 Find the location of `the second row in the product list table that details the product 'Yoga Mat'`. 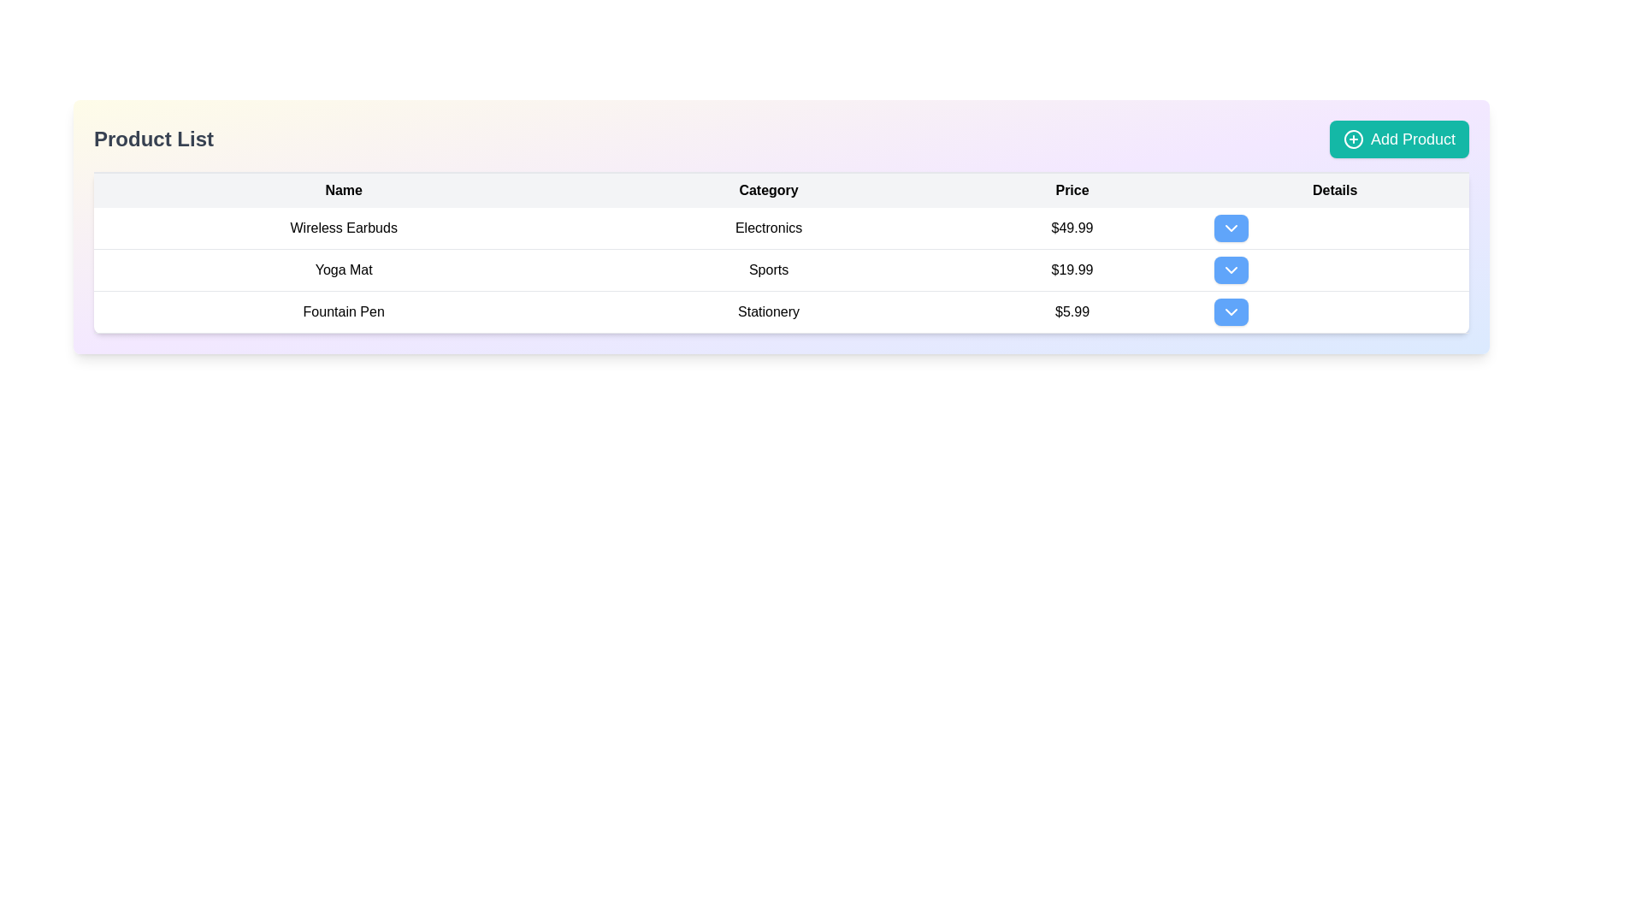

the second row in the product list table that details the product 'Yoga Mat' is located at coordinates (780, 269).